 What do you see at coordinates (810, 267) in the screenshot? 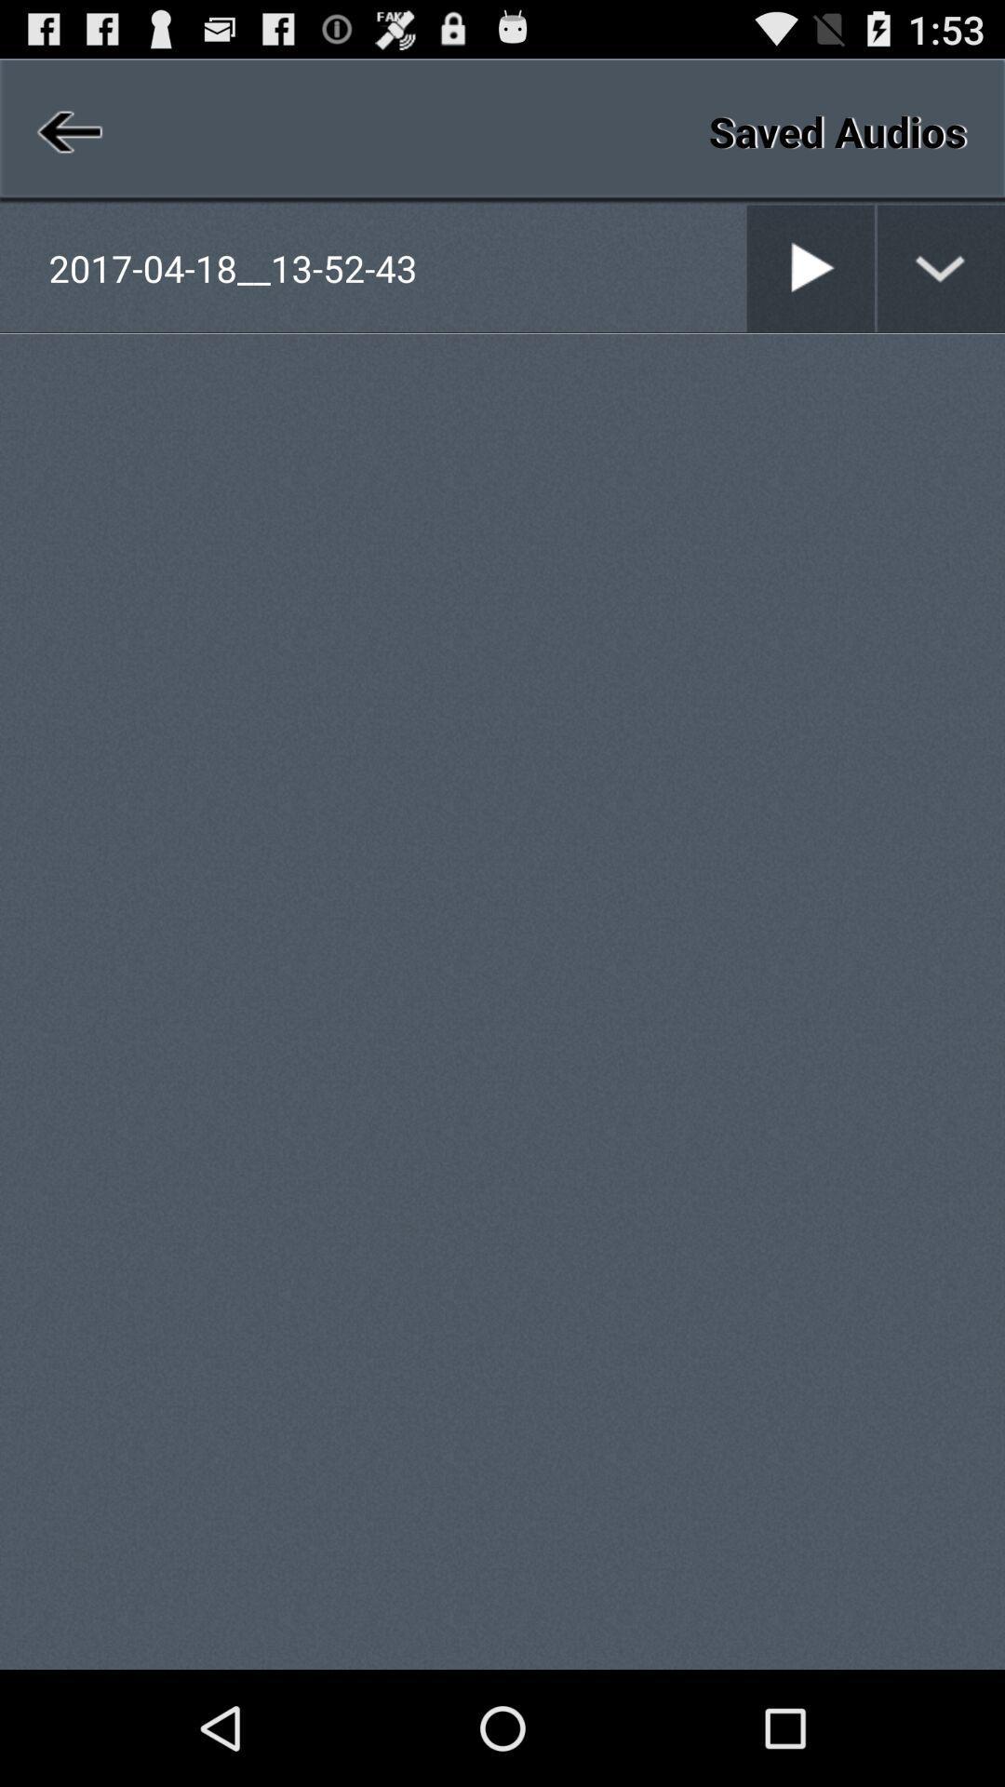
I see `audio` at bounding box center [810, 267].